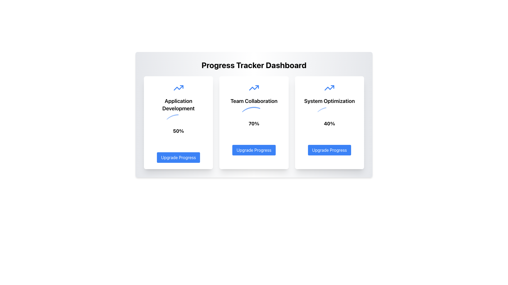 The width and height of the screenshot is (508, 285). I want to click on the 'Upgrade Progress' button, which is a rectangular button with a blue background and white text, located below the '70%' text in the 'Team Collaboration' card, so click(254, 150).